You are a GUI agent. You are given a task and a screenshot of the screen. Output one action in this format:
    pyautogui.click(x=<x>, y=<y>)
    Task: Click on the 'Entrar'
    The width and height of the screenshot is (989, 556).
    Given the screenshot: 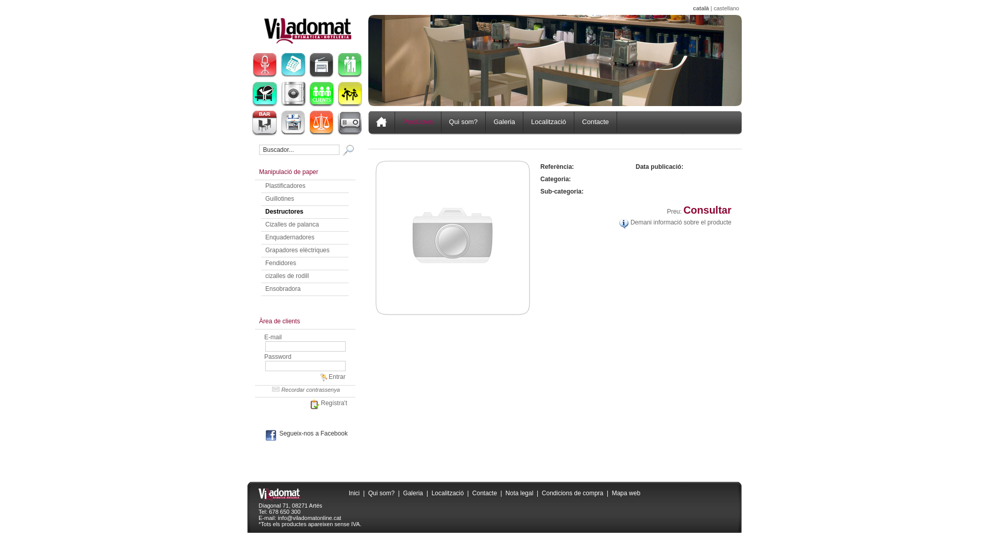 What is the action you would take?
    pyautogui.click(x=332, y=377)
    